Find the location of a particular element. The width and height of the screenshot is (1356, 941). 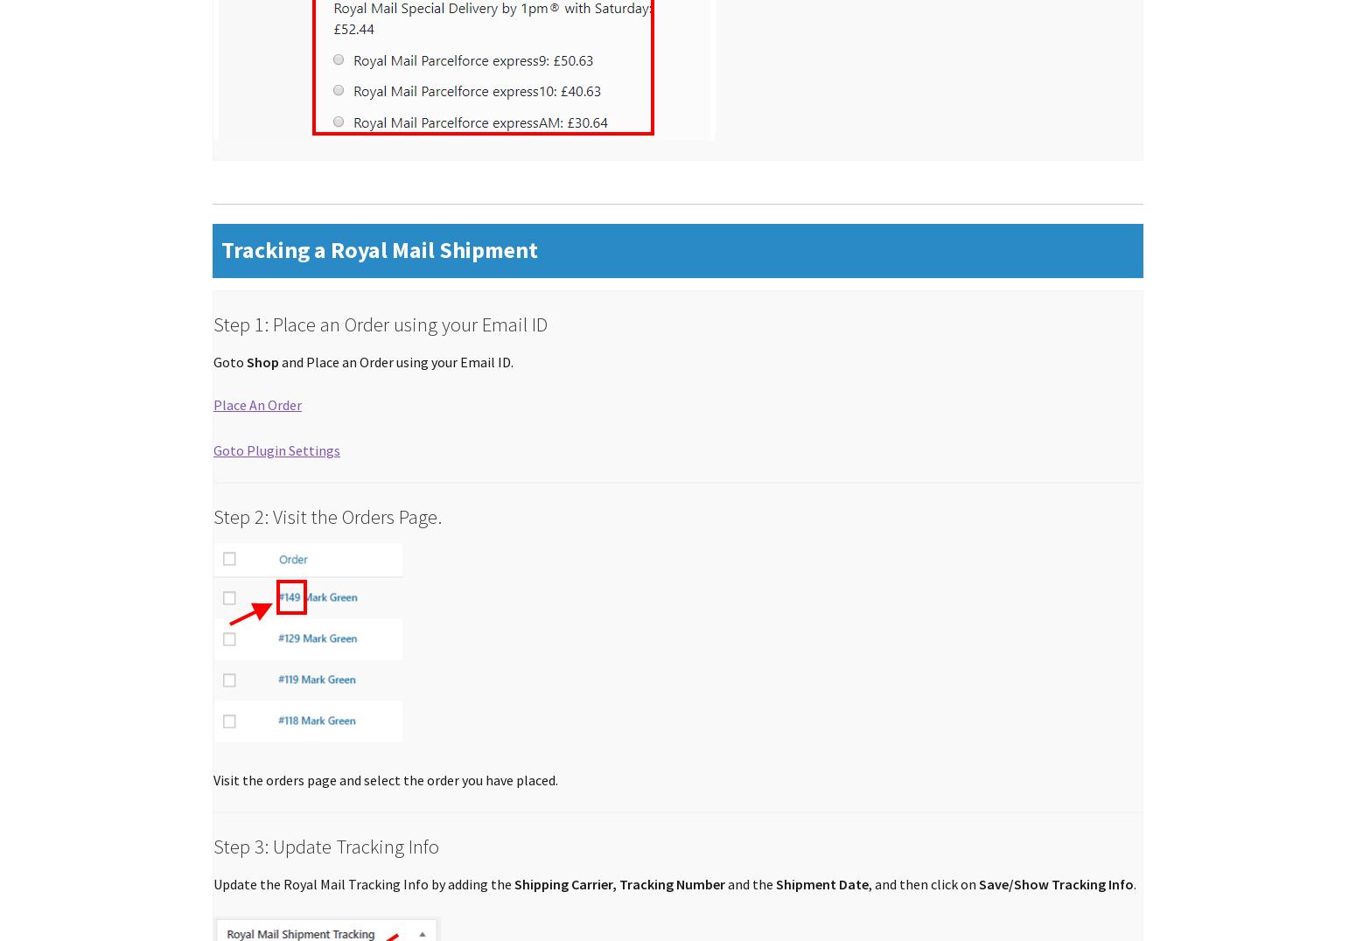

'Update the Royal Mail Tracking Info by adding the' is located at coordinates (364, 883).